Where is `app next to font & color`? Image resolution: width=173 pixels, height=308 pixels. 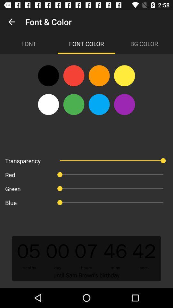
app next to font & color is located at coordinates (12, 22).